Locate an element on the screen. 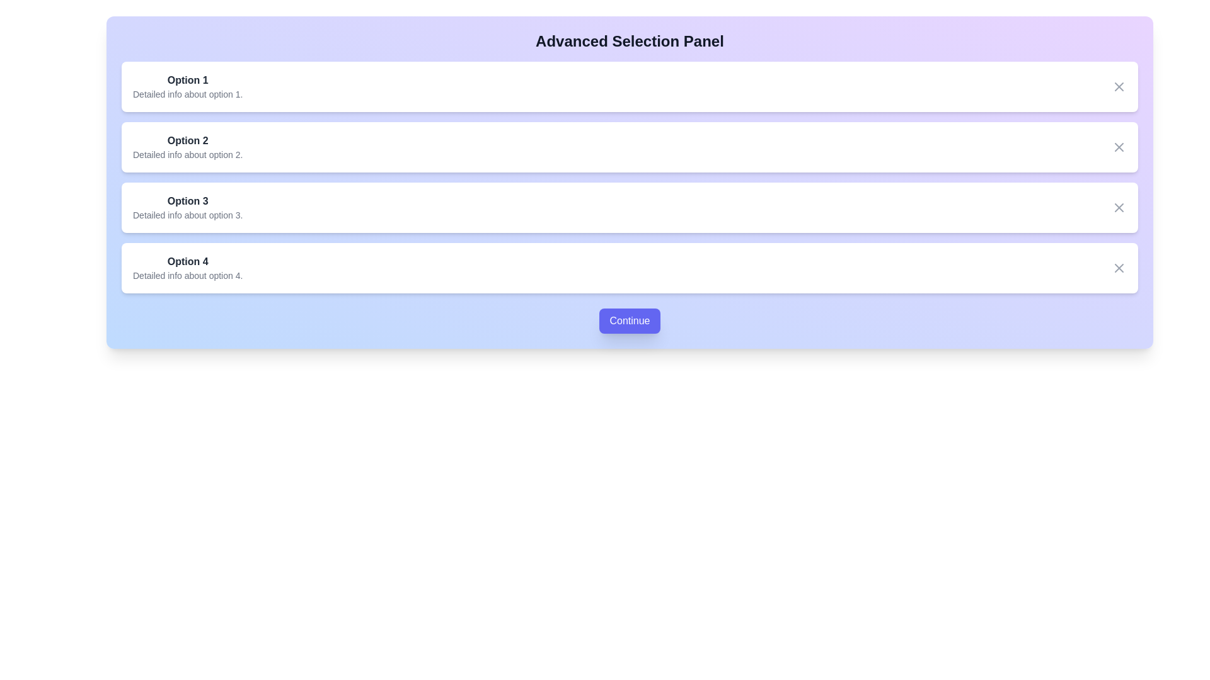 The height and width of the screenshot is (680, 1210). the 'X' icon button in the top-right corner of 'Option 1' is located at coordinates (1119, 86).